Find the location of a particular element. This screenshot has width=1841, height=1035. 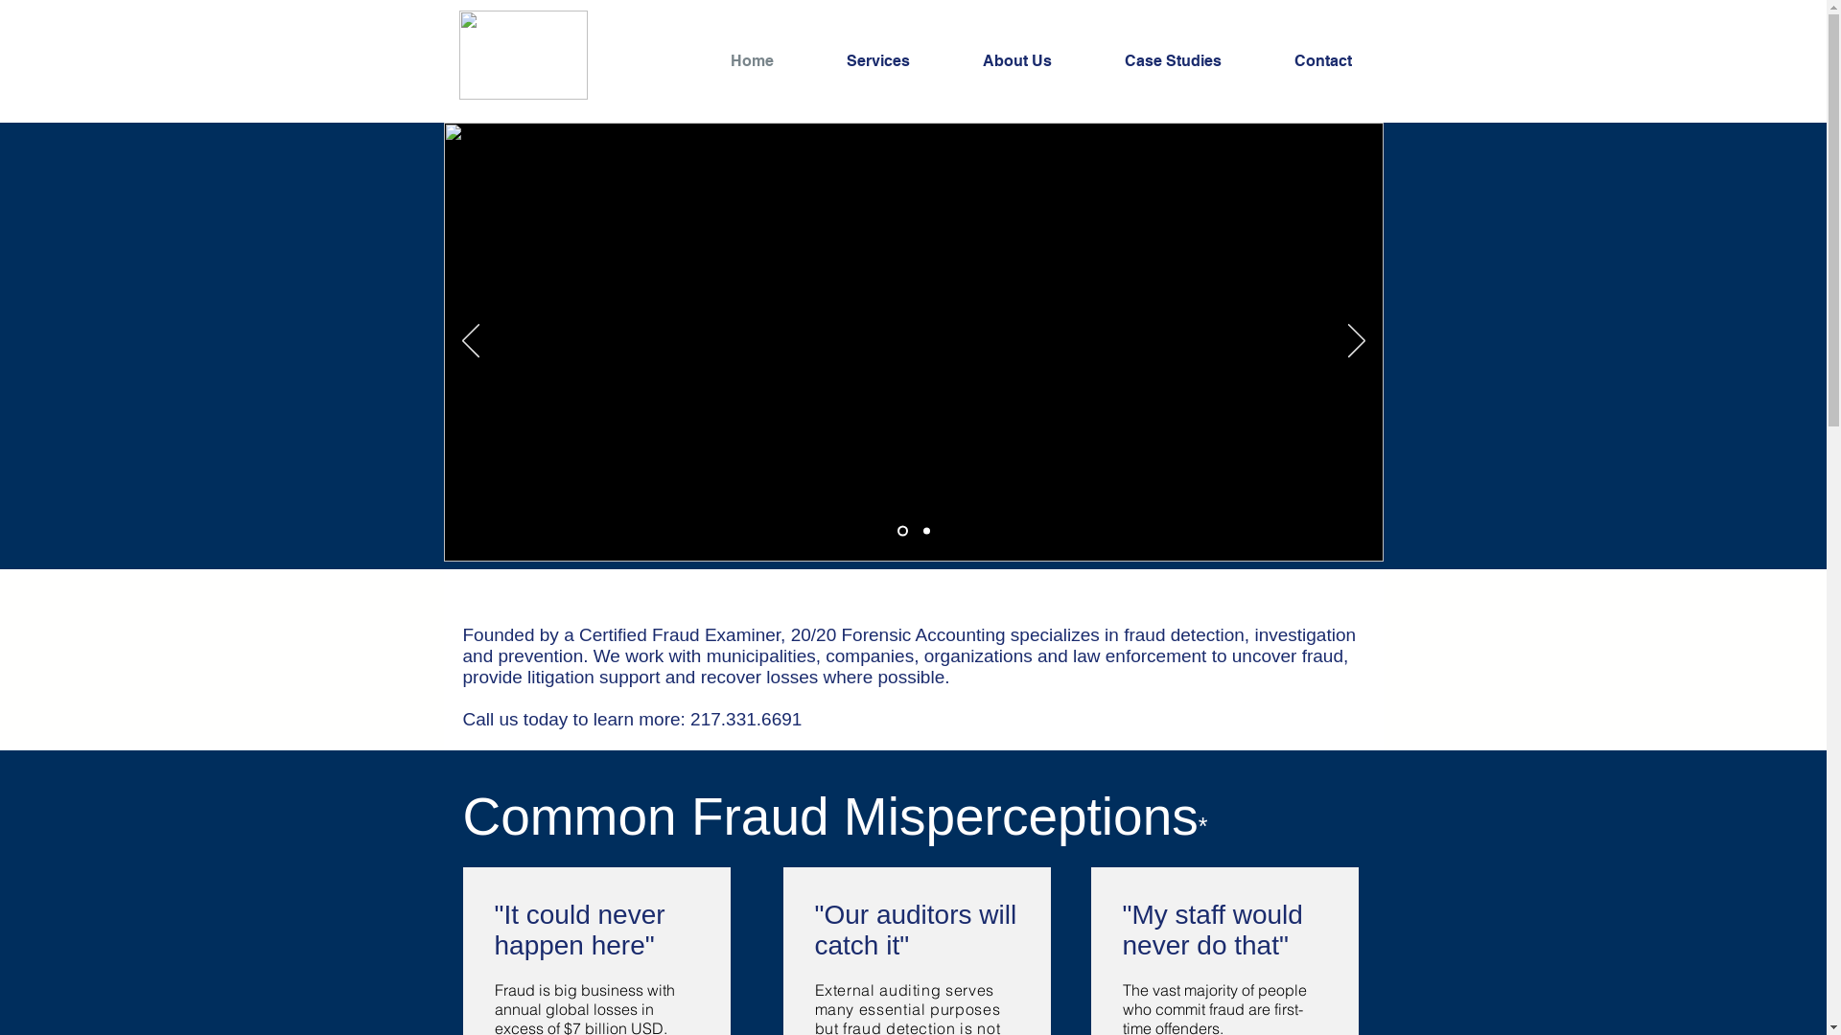

'Services' is located at coordinates (899, 60).